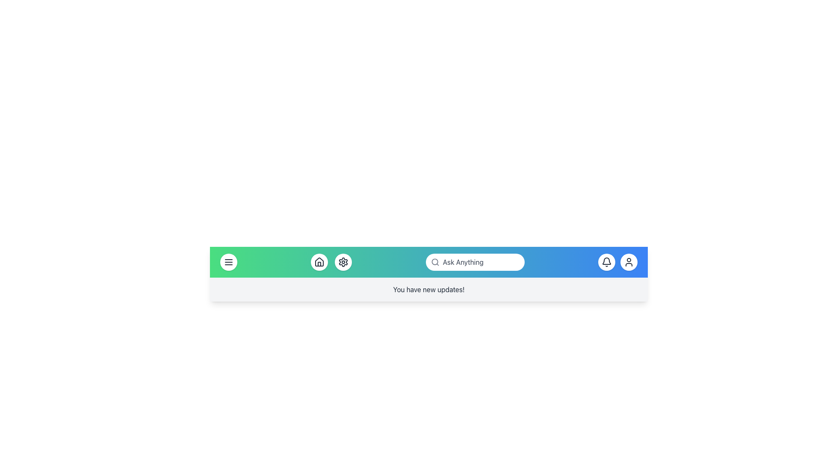 Image resolution: width=821 pixels, height=462 pixels. I want to click on the circular menu icon with three horizontal black lines on a white background, located at the far left of the top navigation bar, so click(228, 262).